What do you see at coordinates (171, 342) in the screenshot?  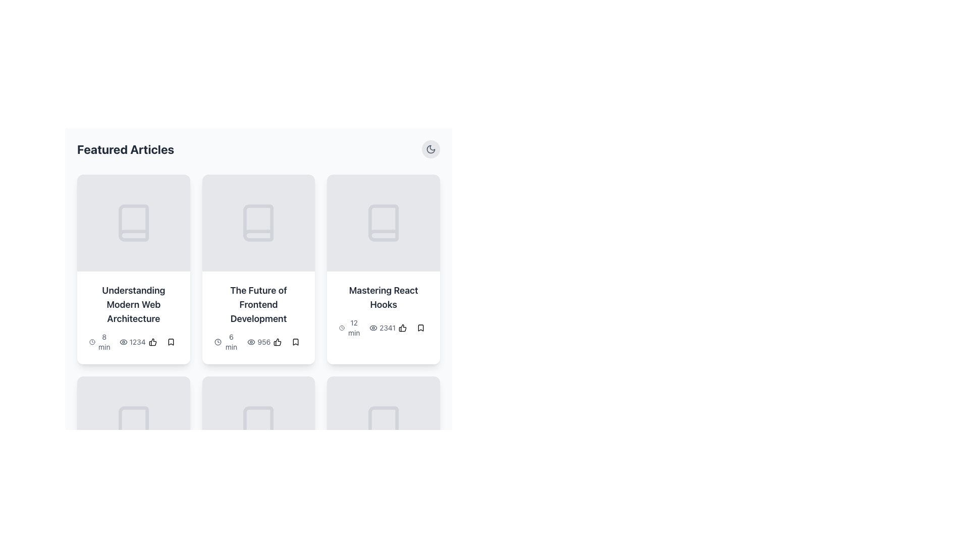 I see `the bookmark icon located in the bottom-right corner of the 'Understanding Modern Web Architecture' card, which has a triangular notched bottom and is styled in a monochromatic theme` at bounding box center [171, 342].